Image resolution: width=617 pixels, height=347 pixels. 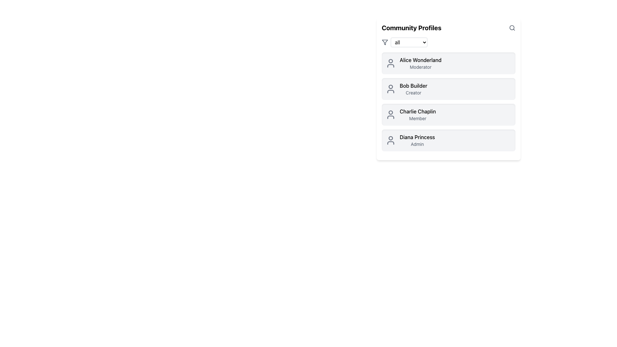 What do you see at coordinates (390, 112) in the screenshot?
I see `the styles or effects of the central circle element in the user profile icon representing Charlie Chaplin in the Community Profiles list` at bounding box center [390, 112].